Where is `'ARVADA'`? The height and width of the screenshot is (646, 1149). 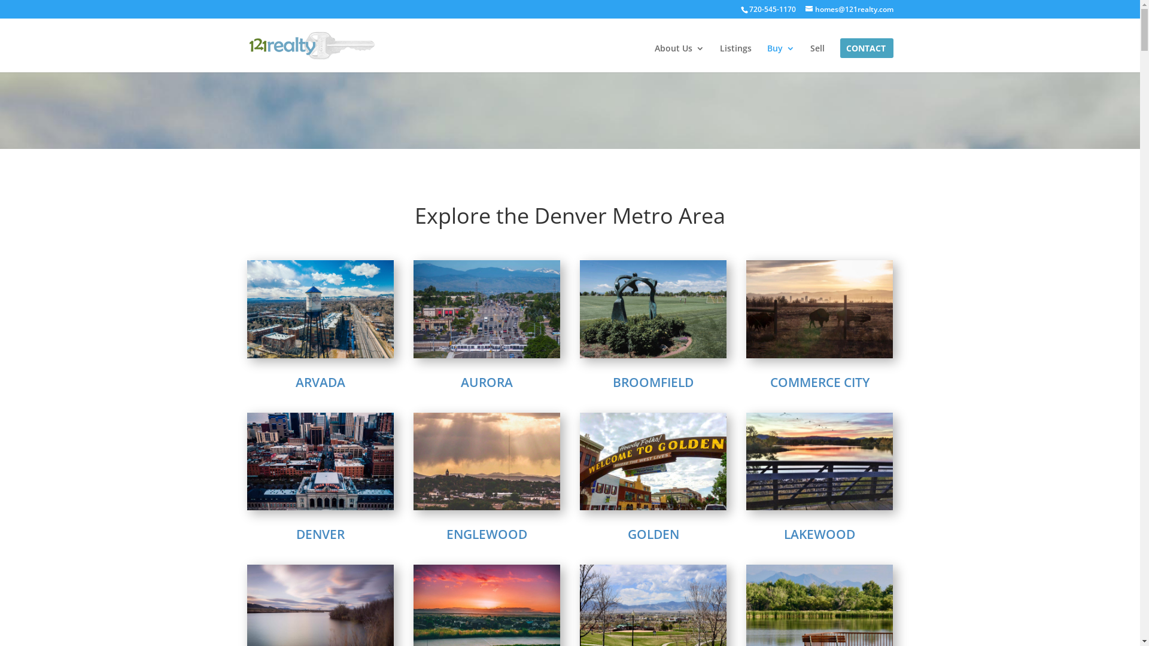
'ARVADA' is located at coordinates (320, 382).